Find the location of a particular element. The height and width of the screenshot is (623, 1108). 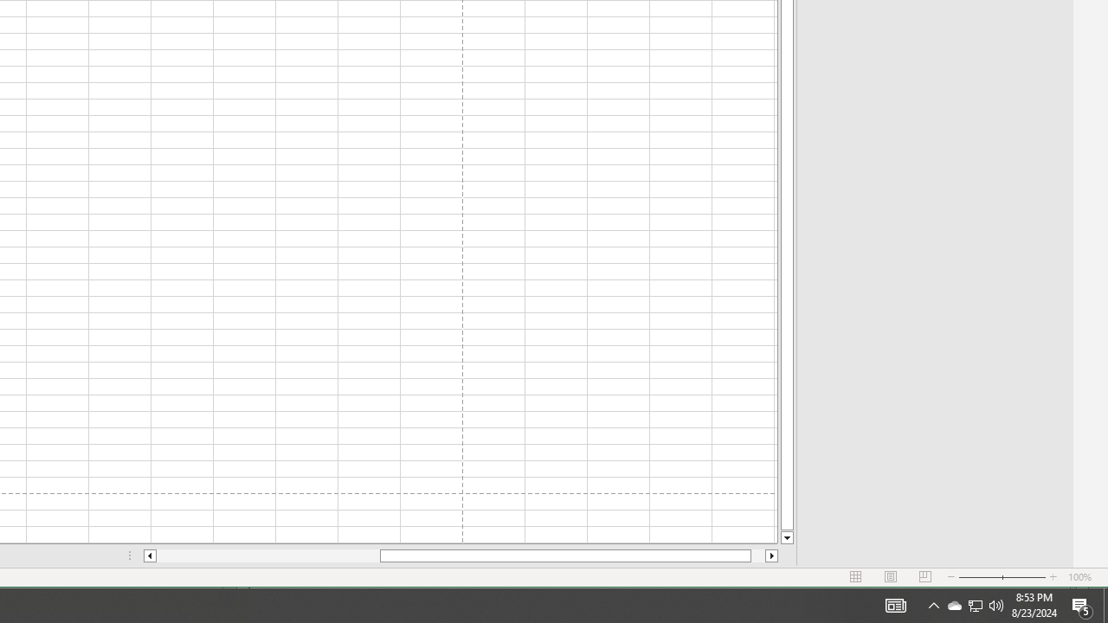

'Page left' is located at coordinates (267, 556).